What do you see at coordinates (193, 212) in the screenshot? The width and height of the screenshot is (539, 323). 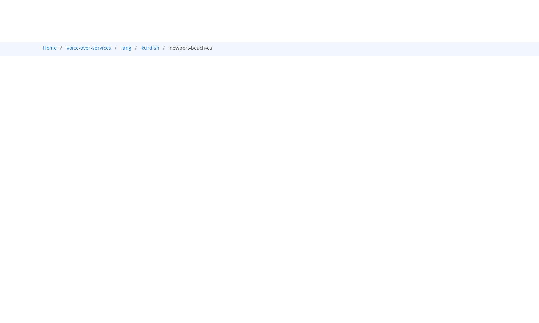 I see `'Professional Voice Talent for Your Kurdish Voice Over Services'` at bounding box center [193, 212].